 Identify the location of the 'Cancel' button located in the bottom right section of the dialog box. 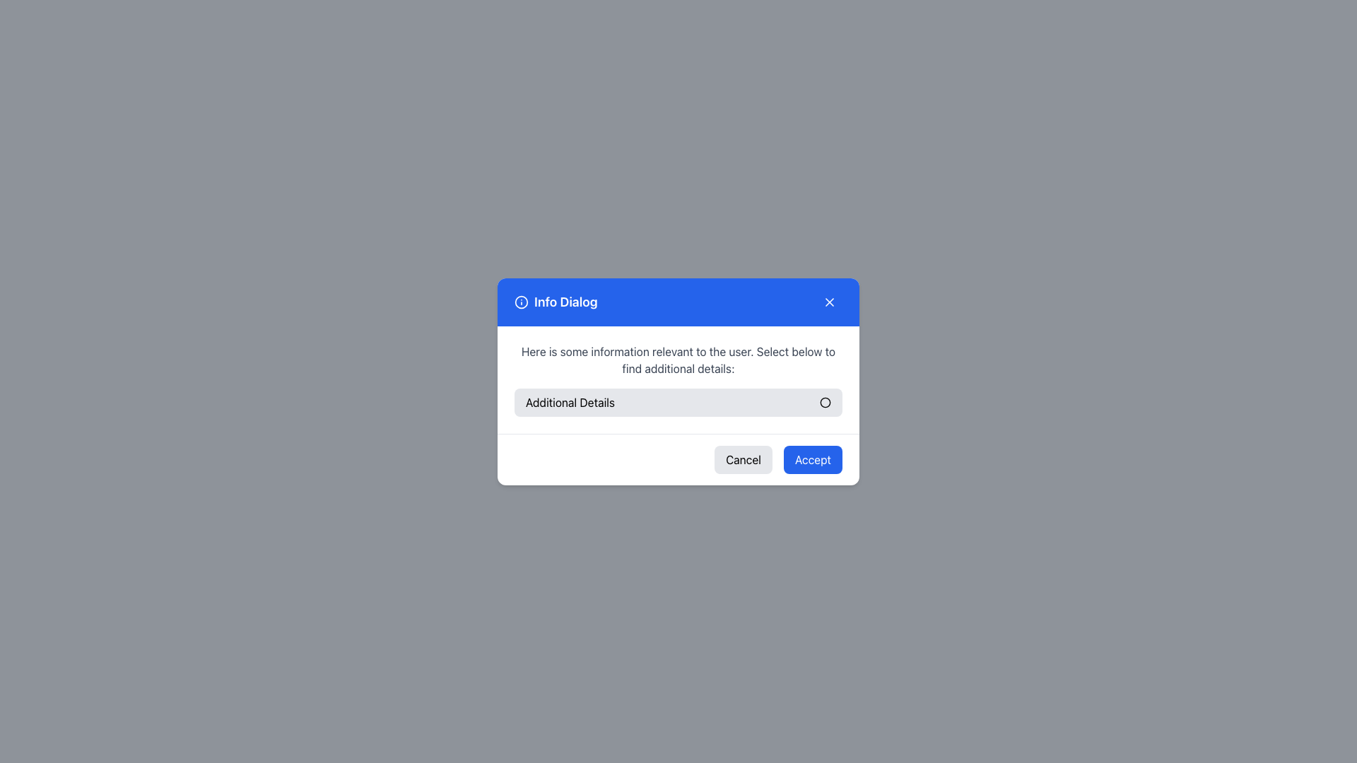
(742, 459).